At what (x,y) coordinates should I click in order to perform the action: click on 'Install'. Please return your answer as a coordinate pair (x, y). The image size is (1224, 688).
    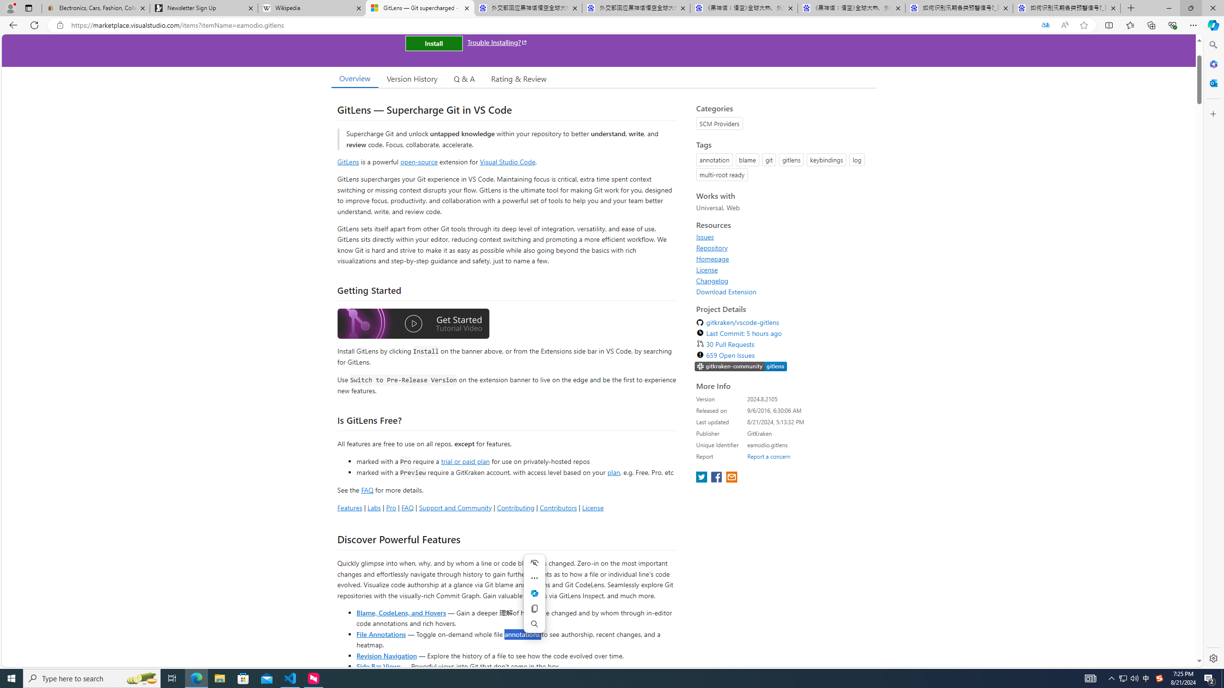
    Looking at the image, I should click on (433, 43).